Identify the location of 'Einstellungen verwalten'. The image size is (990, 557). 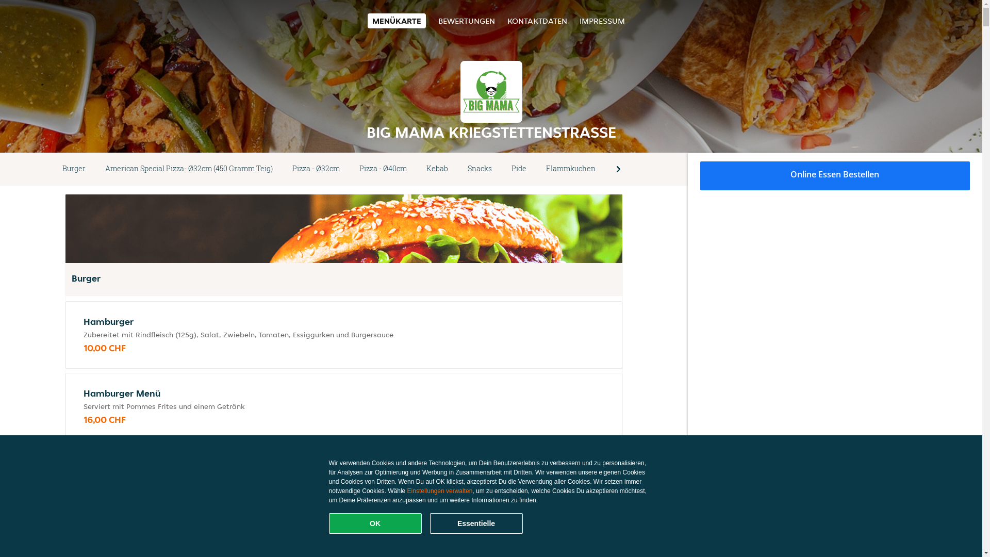
(440, 490).